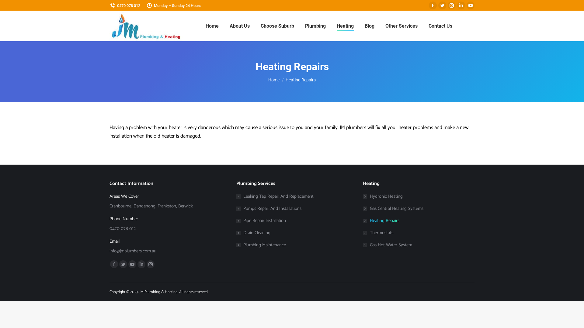 Image resolution: width=584 pixels, height=328 pixels. Describe the element at coordinates (401, 26) in the screenshot. I see `'Other Services'` at that location.